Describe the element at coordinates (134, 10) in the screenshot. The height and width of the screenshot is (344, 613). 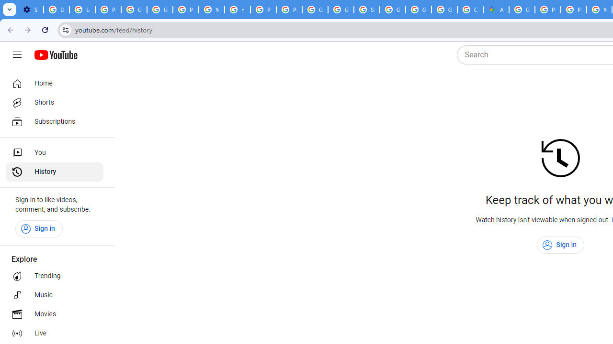
I see `'Google Account Help'` at that location.